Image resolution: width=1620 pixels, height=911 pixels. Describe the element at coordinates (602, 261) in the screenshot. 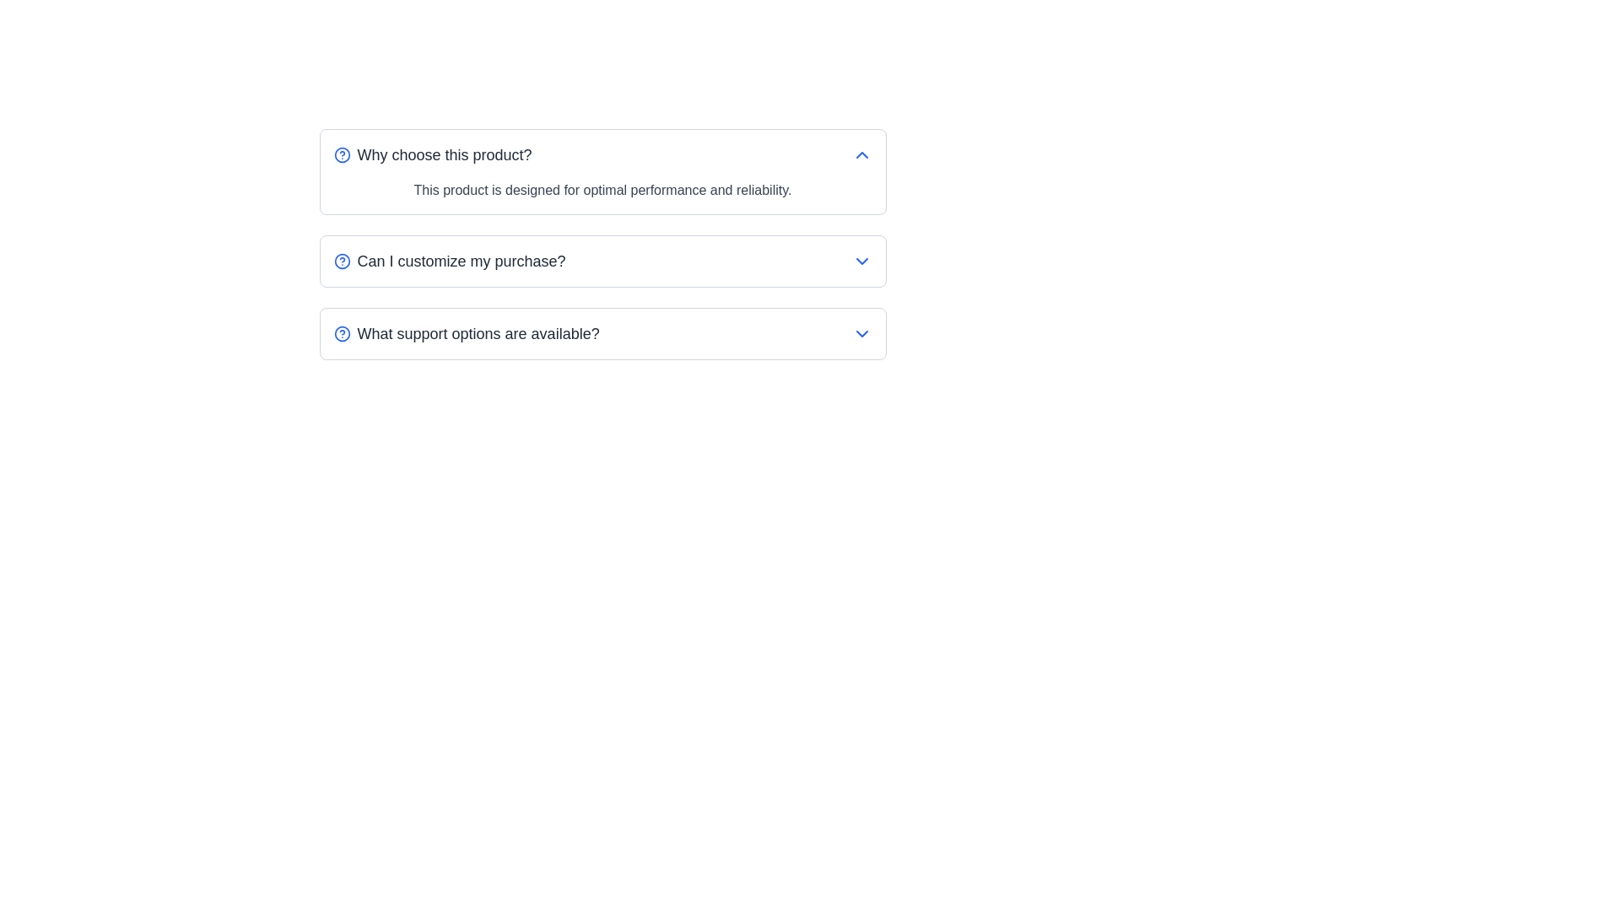

I see `the second Expandable List Item in the FAQ section` at that location.